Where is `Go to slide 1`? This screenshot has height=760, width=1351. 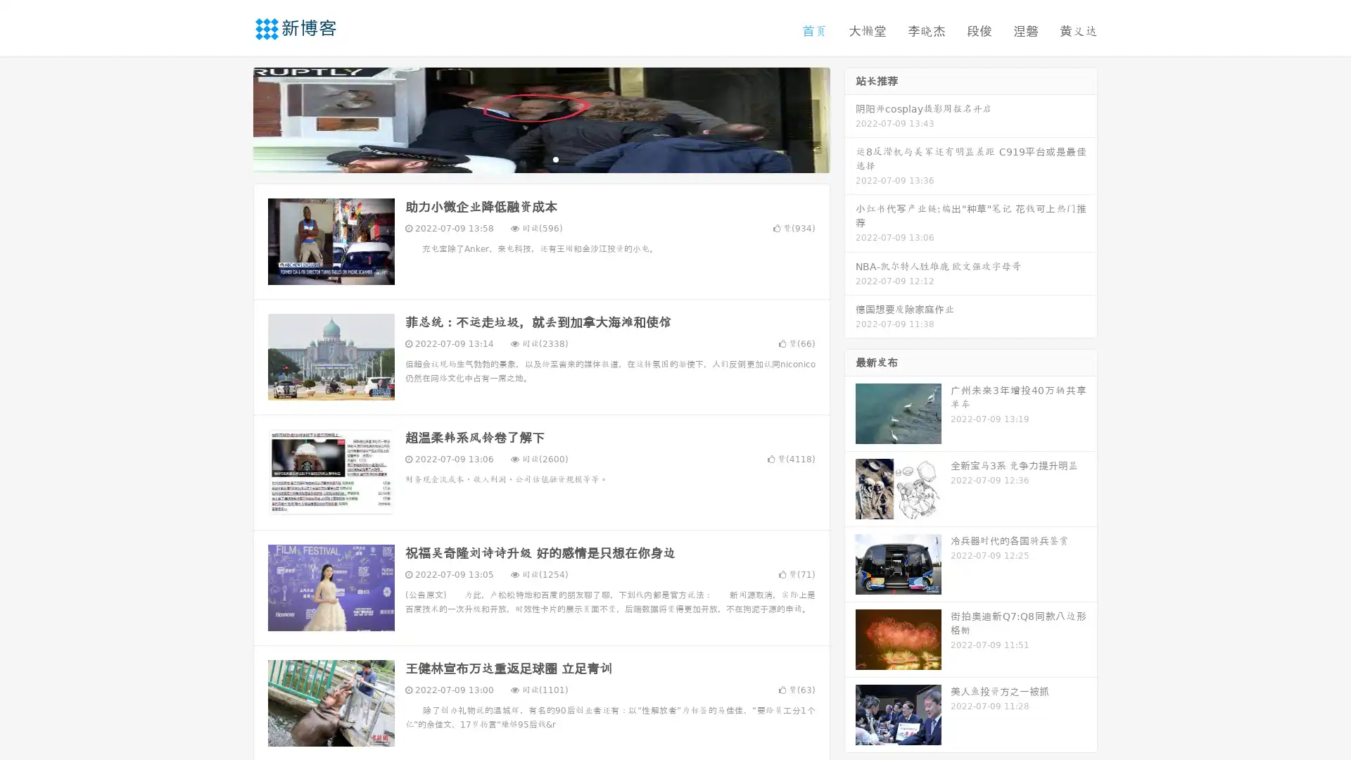
Go to slide 1 is located at coordinates (526, 158).